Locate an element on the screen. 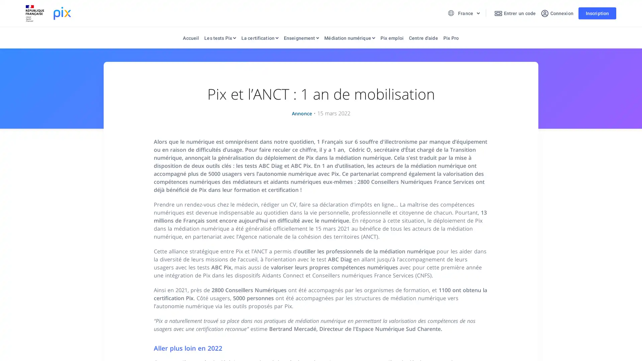  Mediation numerique is located at coordinates (349, 39).